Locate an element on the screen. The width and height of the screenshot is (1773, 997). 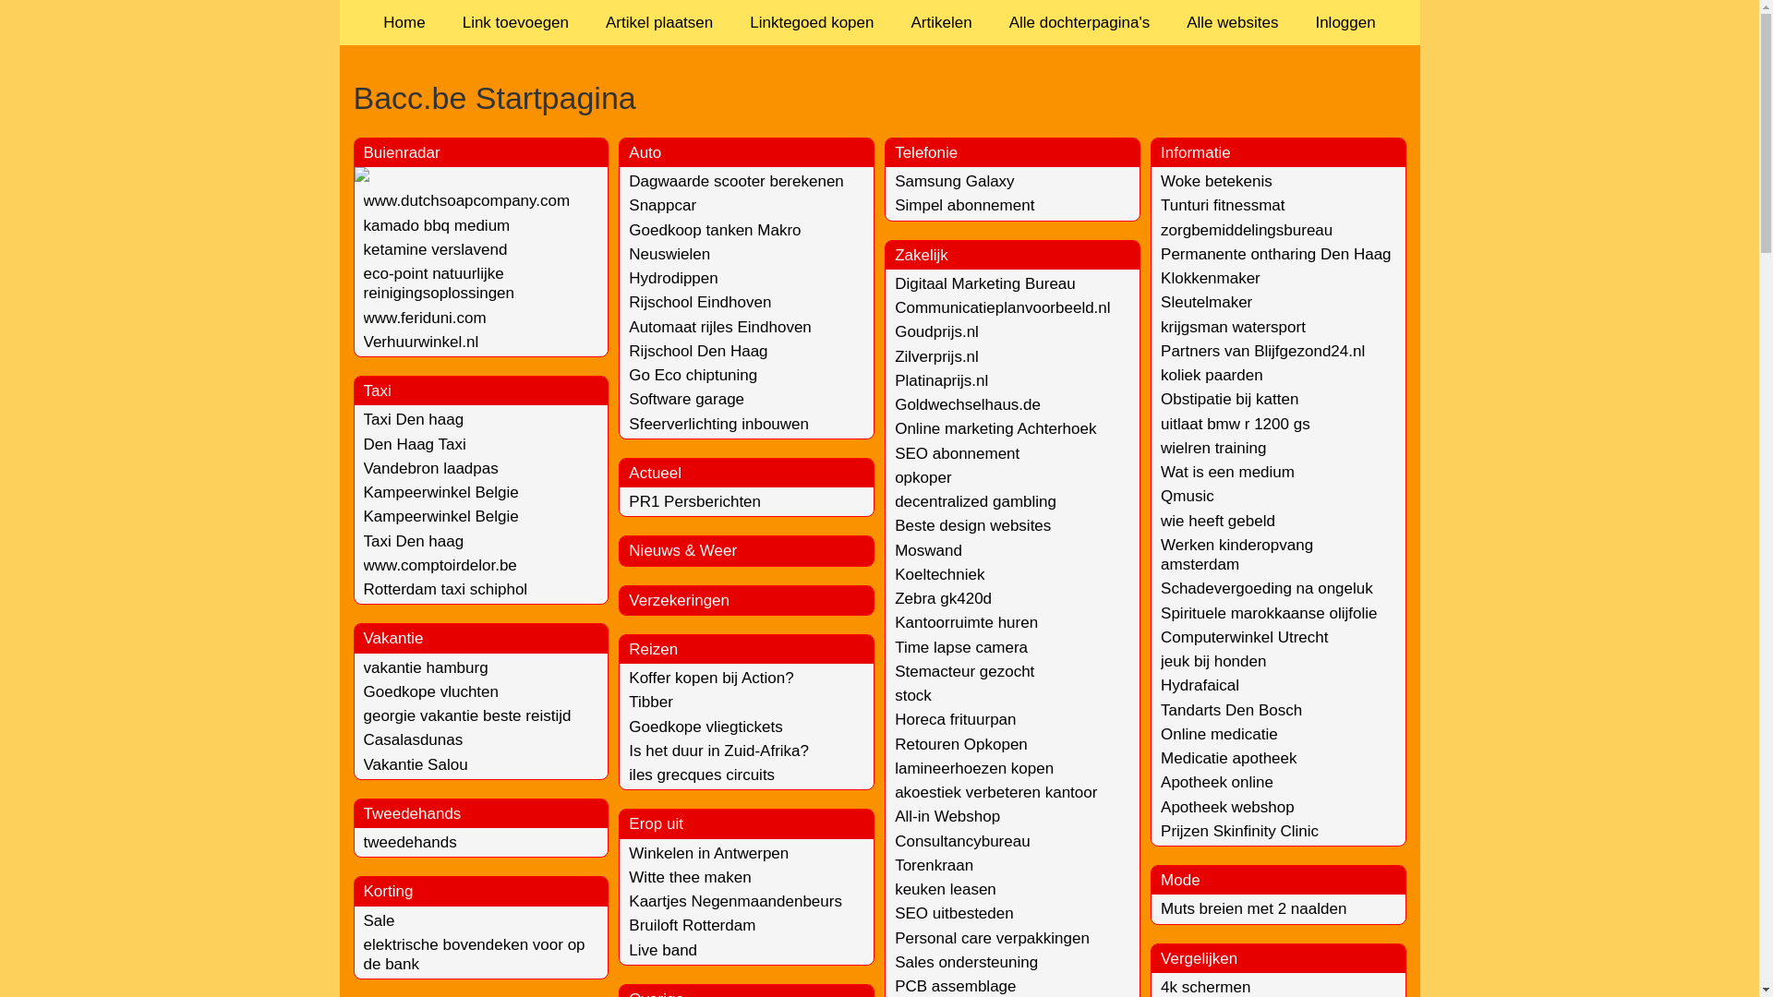
'iles grecques circuits' is located at coordinates (700, 775).